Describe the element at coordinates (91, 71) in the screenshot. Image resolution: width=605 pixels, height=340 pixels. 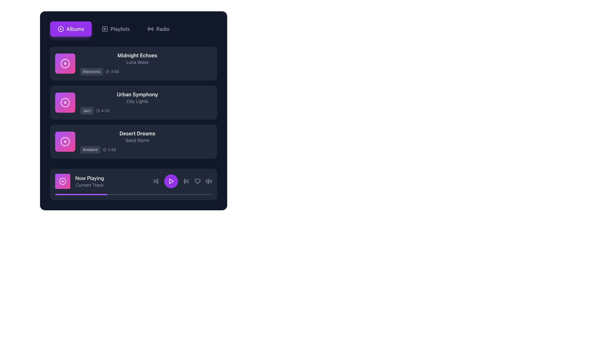
I see `the genre label or badge associated with the album 'Midnight Echoes', located in the upper-left quadrant of the interface, aligned horizontally with the album name and vertically with the album icon` at that location.